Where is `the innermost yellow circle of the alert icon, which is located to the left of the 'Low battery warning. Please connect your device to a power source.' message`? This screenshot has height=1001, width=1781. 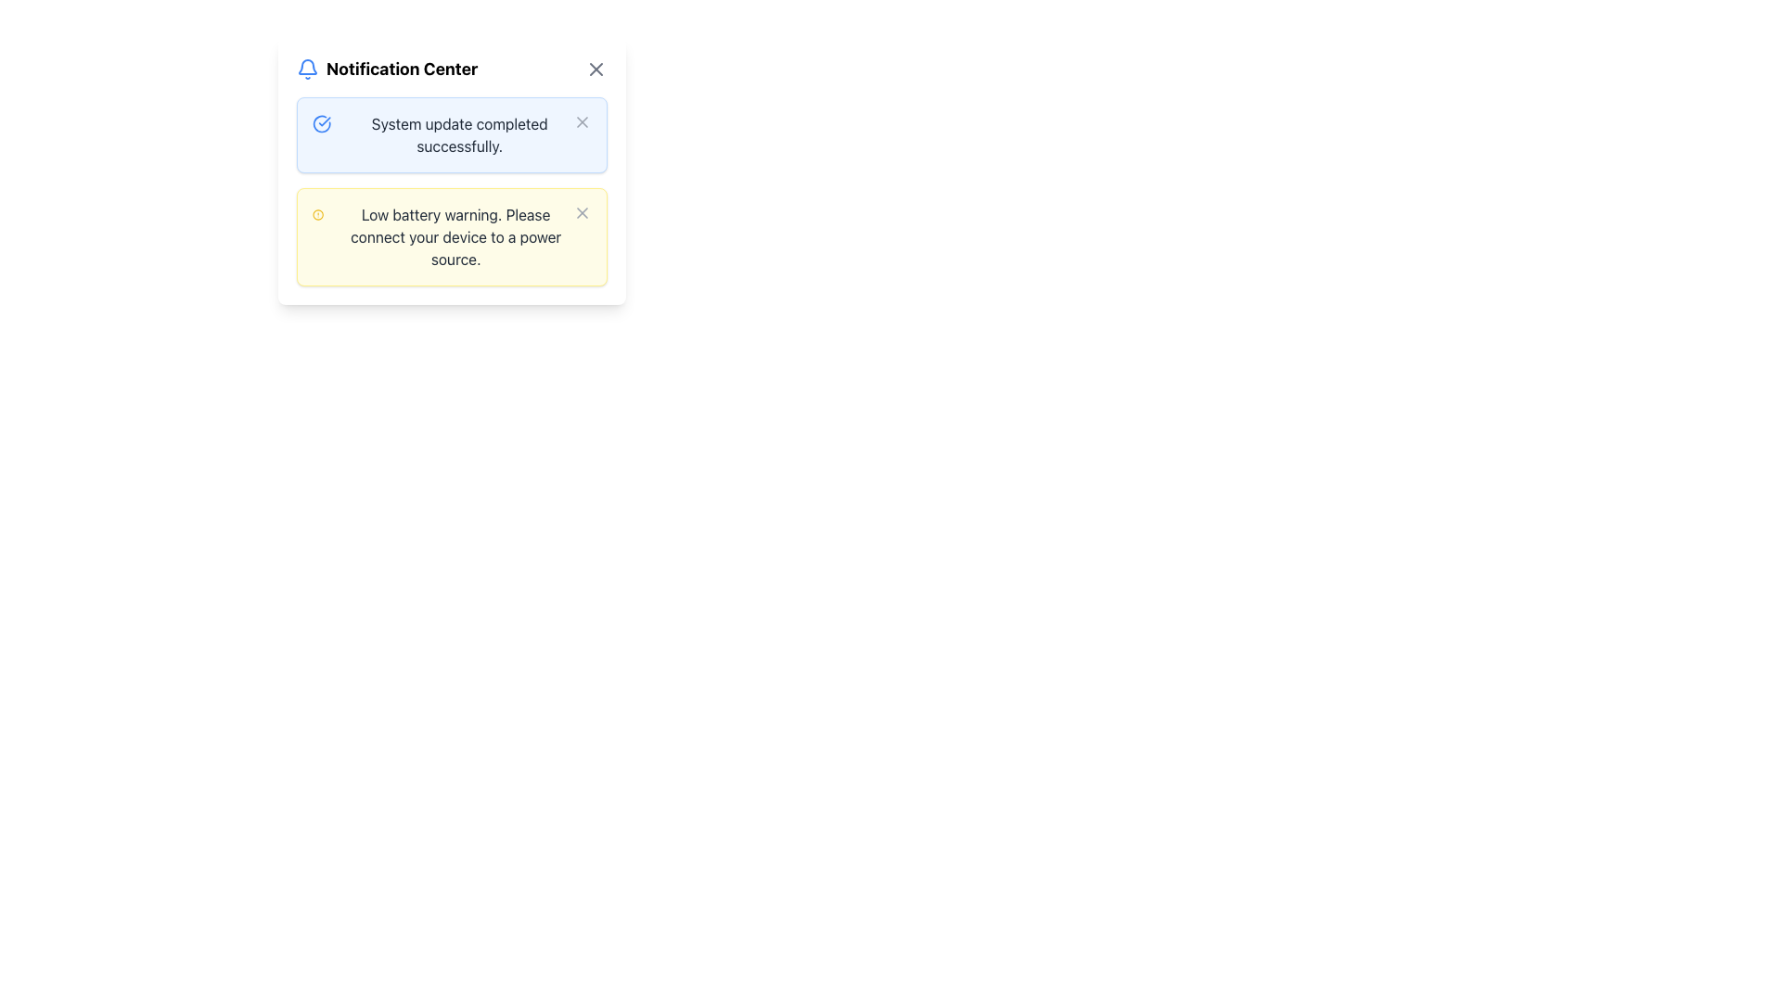
the innermost yellow circle of the alert icon, which is located to the left of the 'Low battery warning. Please connect your device to a power source.' message is located at coordinates (318, 213).